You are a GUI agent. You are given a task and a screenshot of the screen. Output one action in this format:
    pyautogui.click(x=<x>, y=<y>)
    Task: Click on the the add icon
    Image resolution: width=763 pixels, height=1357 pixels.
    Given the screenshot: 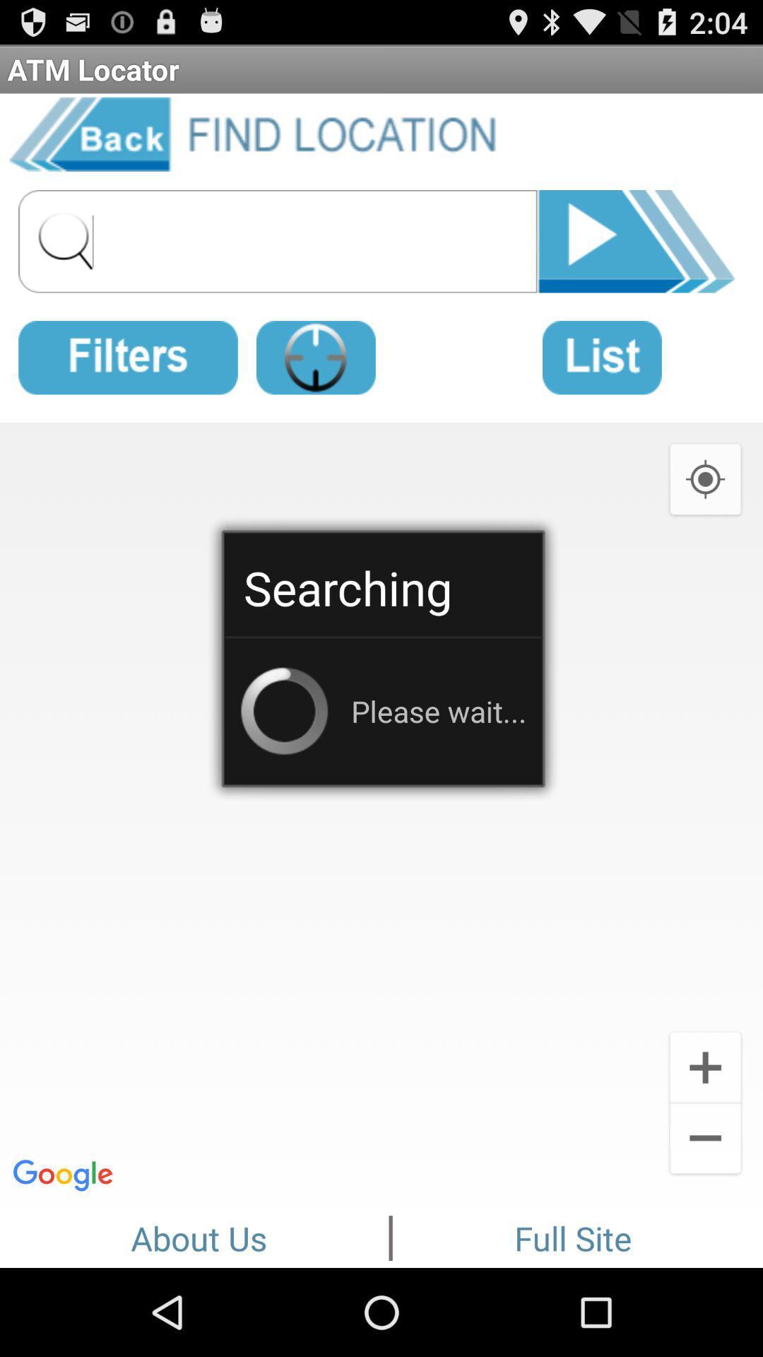 What is the action you would take?
    pyautogui.click(x=705, y=1138)
    